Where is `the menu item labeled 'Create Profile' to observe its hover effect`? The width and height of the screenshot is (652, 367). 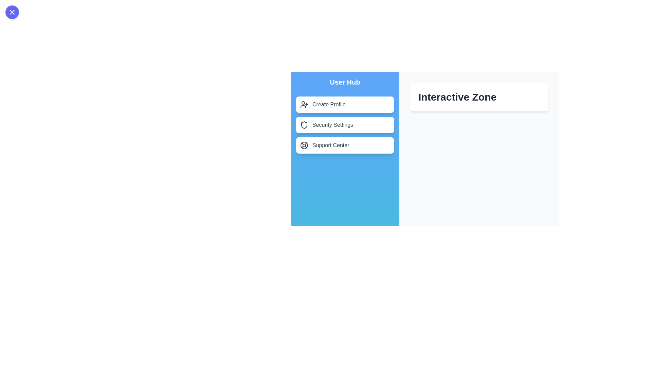 the menu item labeled 'Create Profile' to observe its hover effect is located at coordinates (345, 105).